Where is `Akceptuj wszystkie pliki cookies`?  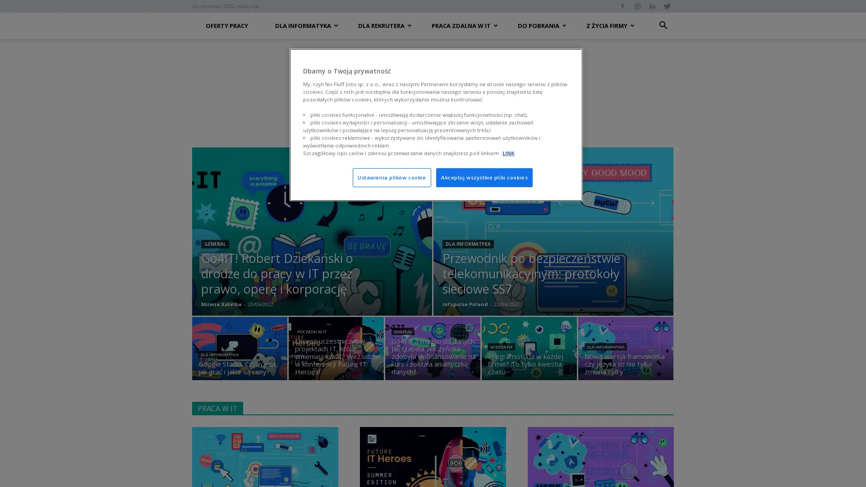
Akceptuj wszystkie pliki cookies is located at coordinates (484, 177).